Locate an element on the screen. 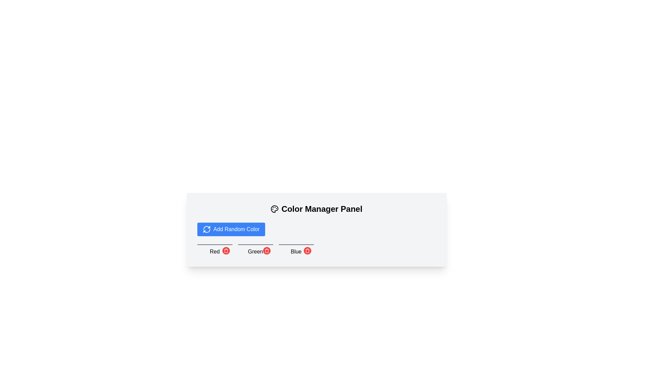  color labels 'Red', 'Green', and 'Blue' in the Grid of selectable or modifiable color items located below the 'Add Random Color' button in the 'Color Manager Panel' is located at coordinates (316, 250).